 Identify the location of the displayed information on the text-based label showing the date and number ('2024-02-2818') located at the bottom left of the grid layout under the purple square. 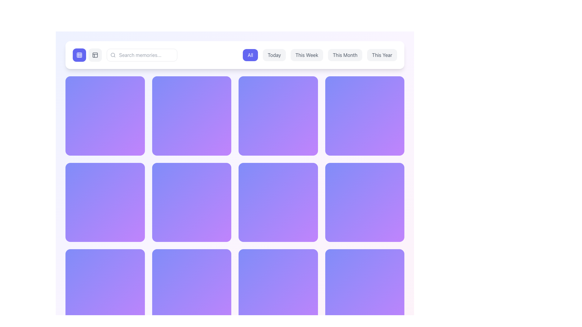
(172, 316).